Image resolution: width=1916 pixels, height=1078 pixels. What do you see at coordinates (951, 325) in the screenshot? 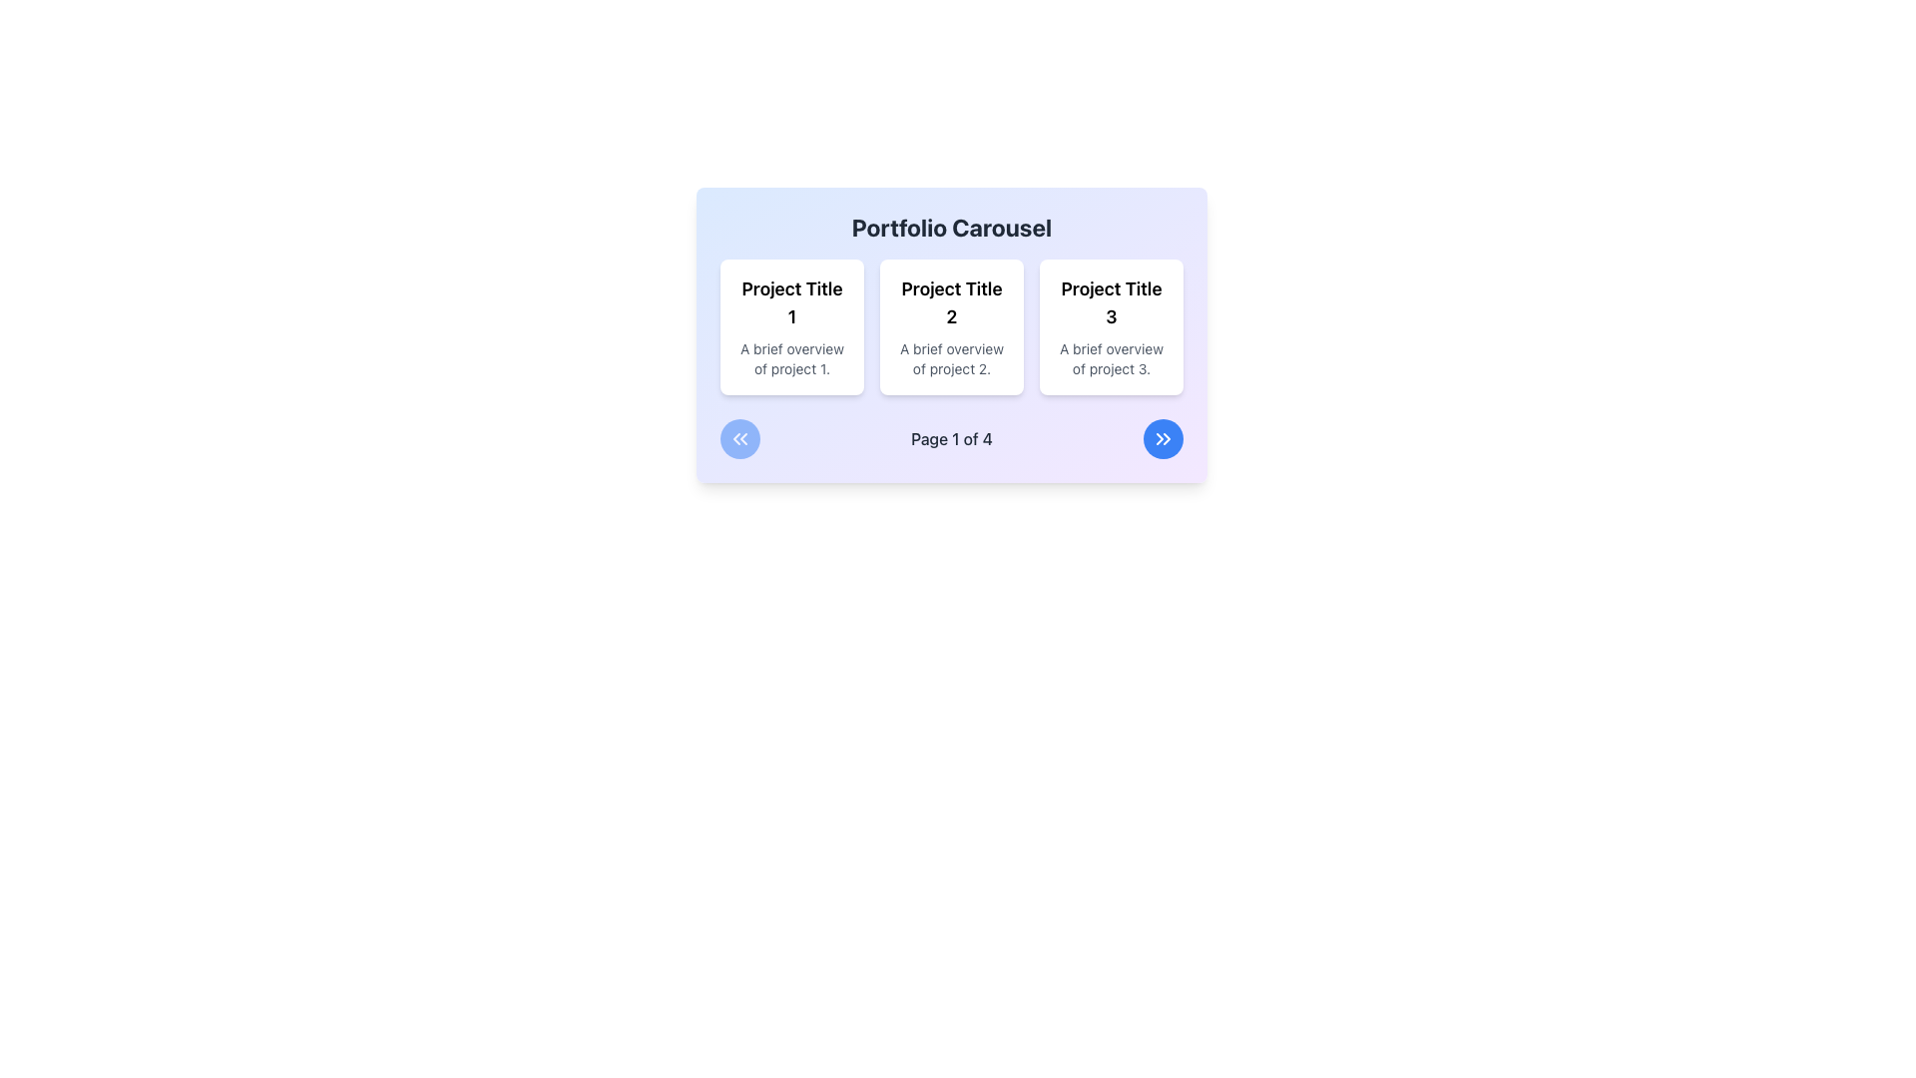
I see `the second project entry card in the Portfolio Carousel, which displays the project title and brief description` at bounding box center [951, 325].